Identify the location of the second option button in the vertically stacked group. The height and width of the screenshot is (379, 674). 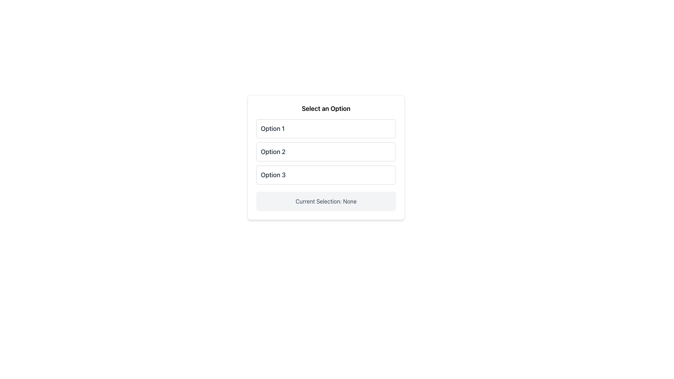
(326, 151).